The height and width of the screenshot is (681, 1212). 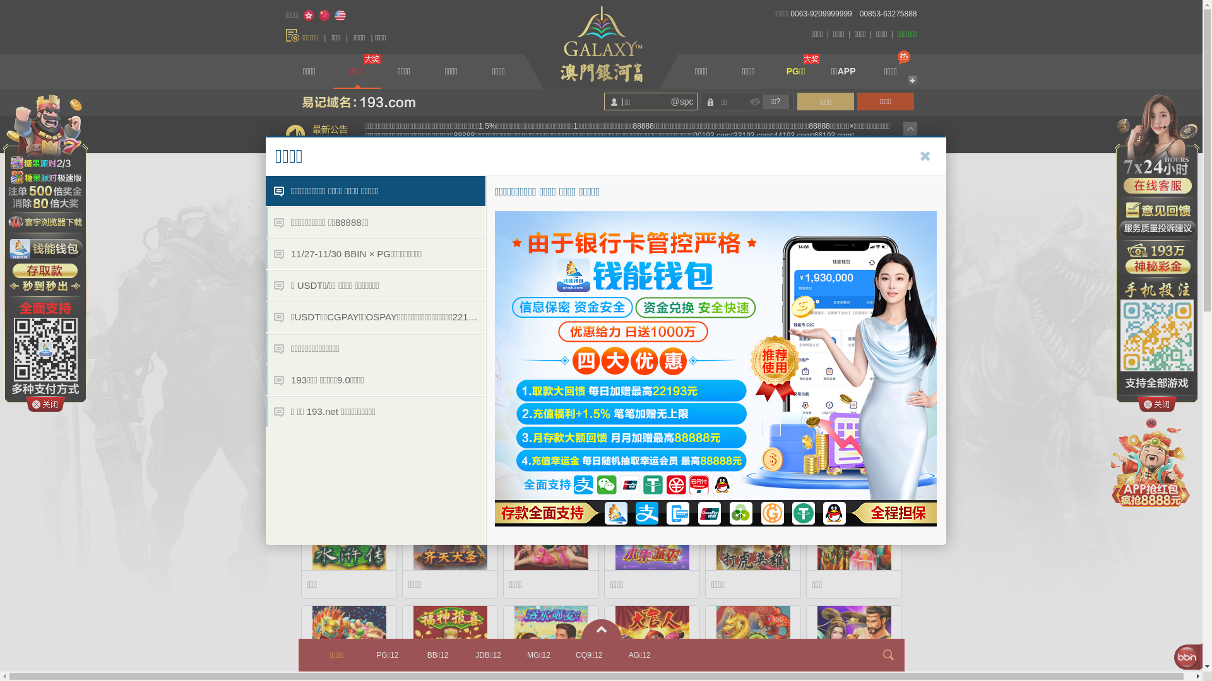 I want to click on 'English', so click(x=340, y=15).